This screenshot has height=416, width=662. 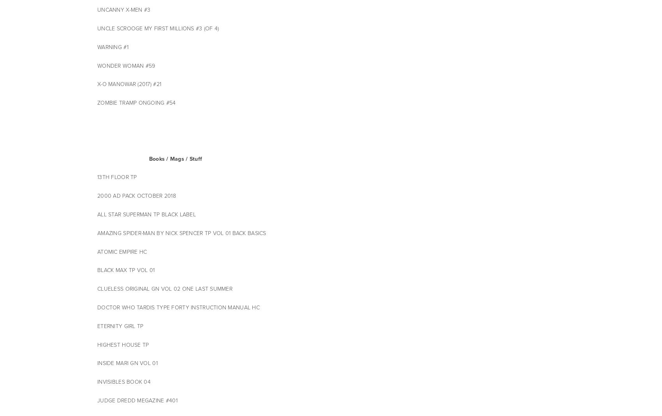 What do you see at coordinates (179, 307) in the screenshot?
I see `'DOCTOR WHO TARDIS TYPE FORTY INSTRUCTION MANUAL HC'` at bounding box center [179, 307].